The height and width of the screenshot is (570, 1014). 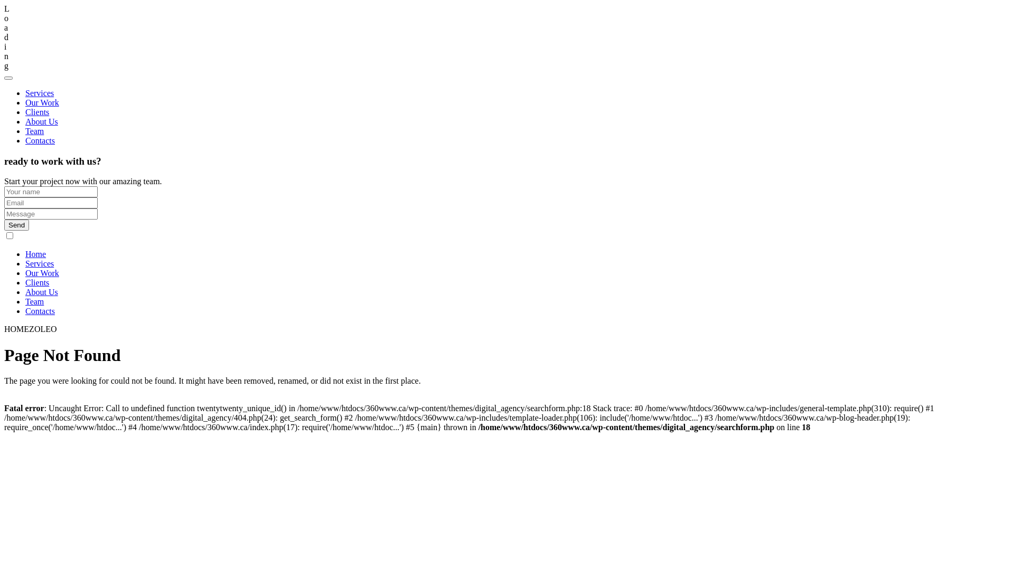 I want to click on 'Contacts', so click(x=40, y=310).